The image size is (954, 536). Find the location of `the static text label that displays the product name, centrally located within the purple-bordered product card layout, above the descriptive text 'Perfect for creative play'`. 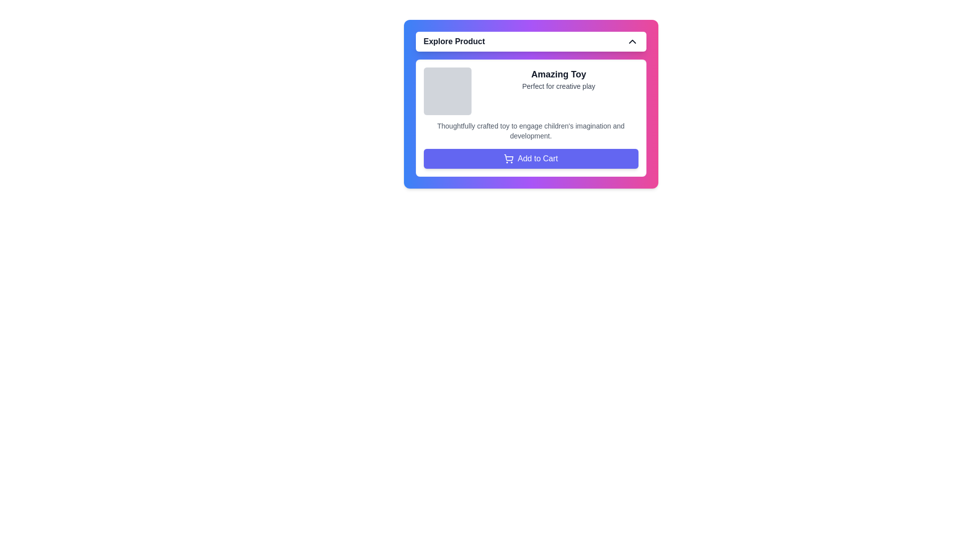

the static text label that displays the product name, centrally located within the purple-bordered product card layout, above the descriptive text 'Perfect for creative play' is located at coordinates (558, 74).